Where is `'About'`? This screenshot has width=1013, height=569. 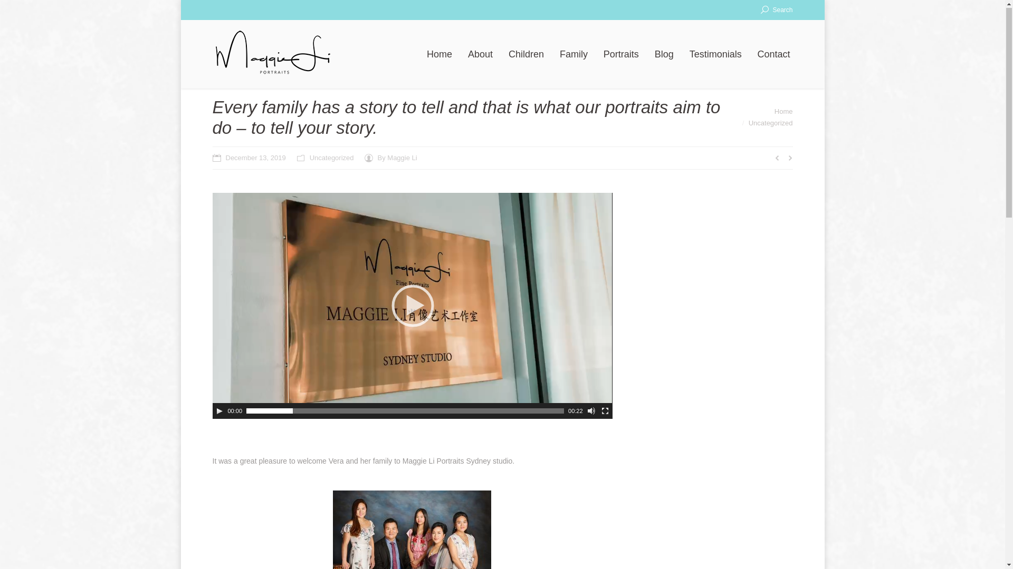 'About' is located at coordinates (480, 55).